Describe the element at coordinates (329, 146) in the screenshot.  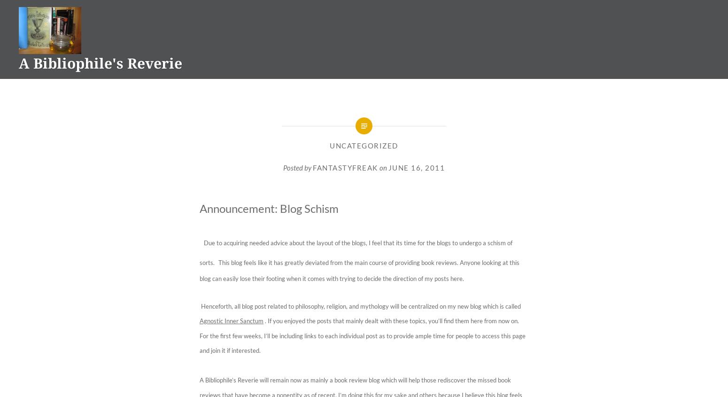
I see `'Uncategorized'` at that location.